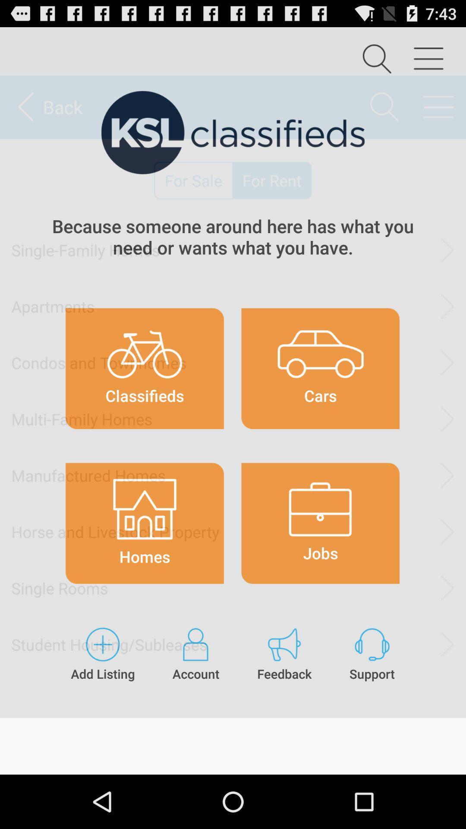 The height and width of the screenshot is (829, 466). I want to click on the search icon, so click(376, 63).